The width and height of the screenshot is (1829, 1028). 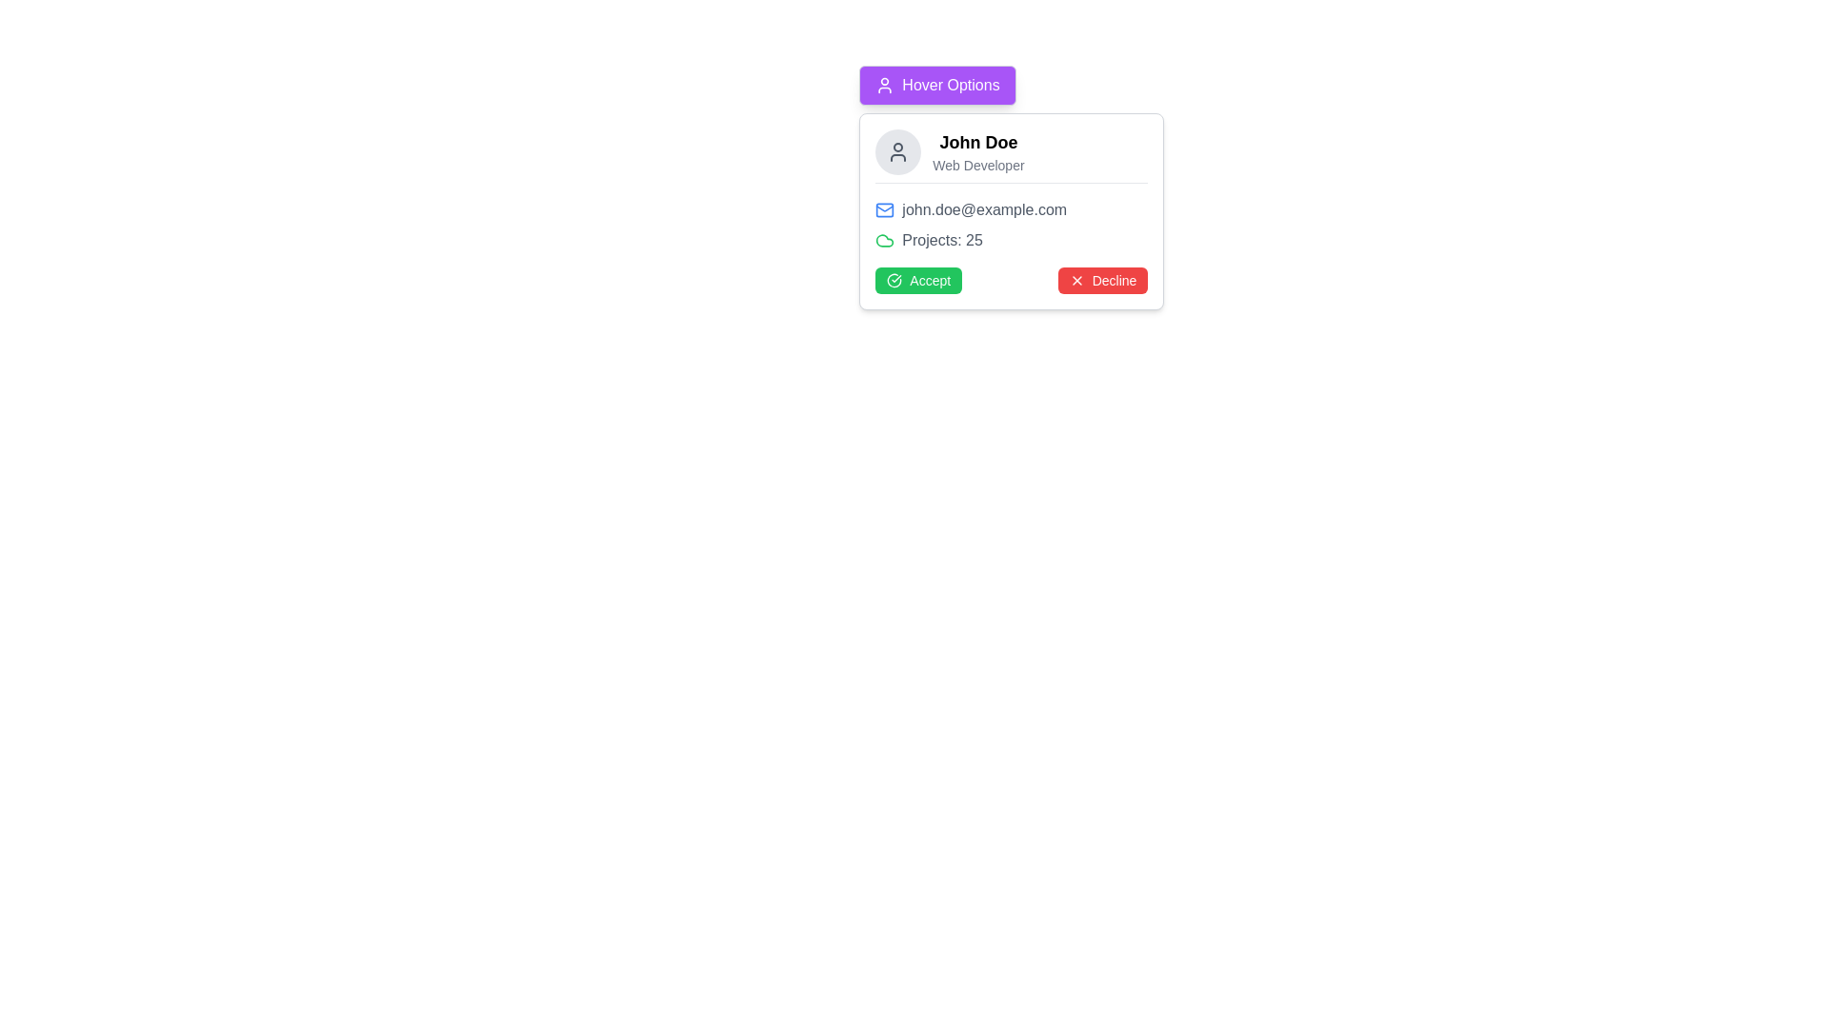 What do you see at coordinates (884, 209) in the screenshot?
I see `the blue outlined envelope icon representing an email, located to the left of the email address 'john.doe@example.com' within the card labeled 'John Doe'` at bounding box center [884, 209].